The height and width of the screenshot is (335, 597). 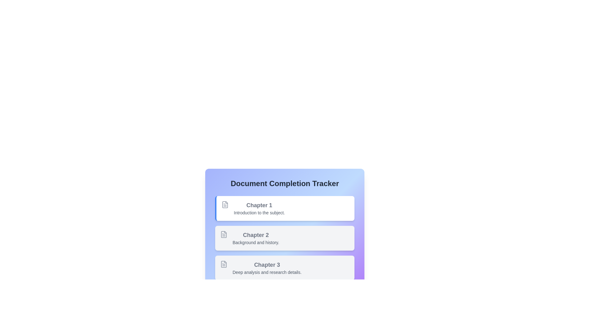 What do you see at coordinates (224, 234) in the screenshot?
I see `the icon representing the document associated with 'Chapter 2 Background and history', which is located to the left of the title 'Chapter 2'` at bounding box center [224, 234].